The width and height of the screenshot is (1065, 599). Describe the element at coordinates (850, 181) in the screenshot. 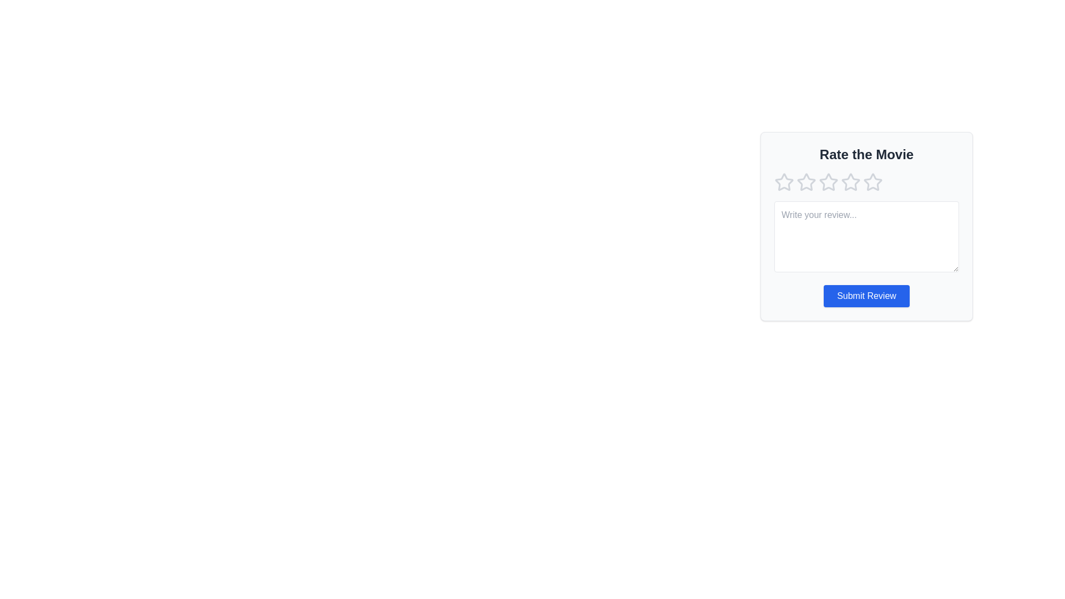

I see `the star corresponding to 4 to preview the rating` at that location.